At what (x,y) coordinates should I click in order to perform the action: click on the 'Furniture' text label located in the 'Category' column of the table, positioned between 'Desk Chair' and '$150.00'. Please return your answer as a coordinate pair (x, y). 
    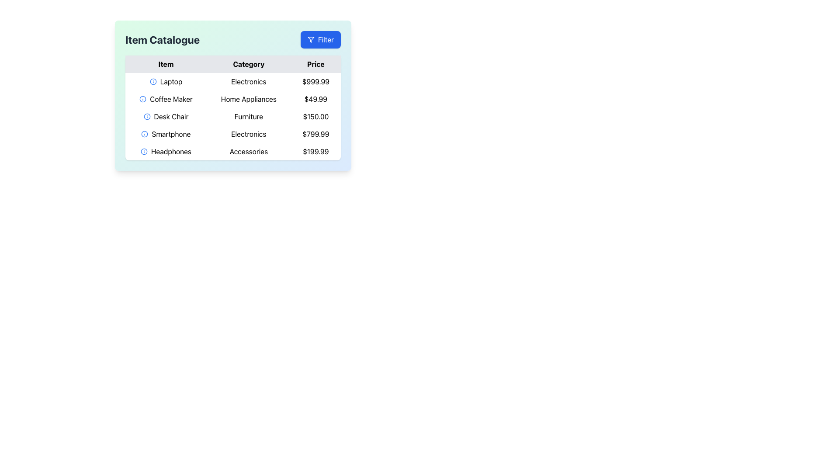
    Looking at the image, I should click on (248, 116).